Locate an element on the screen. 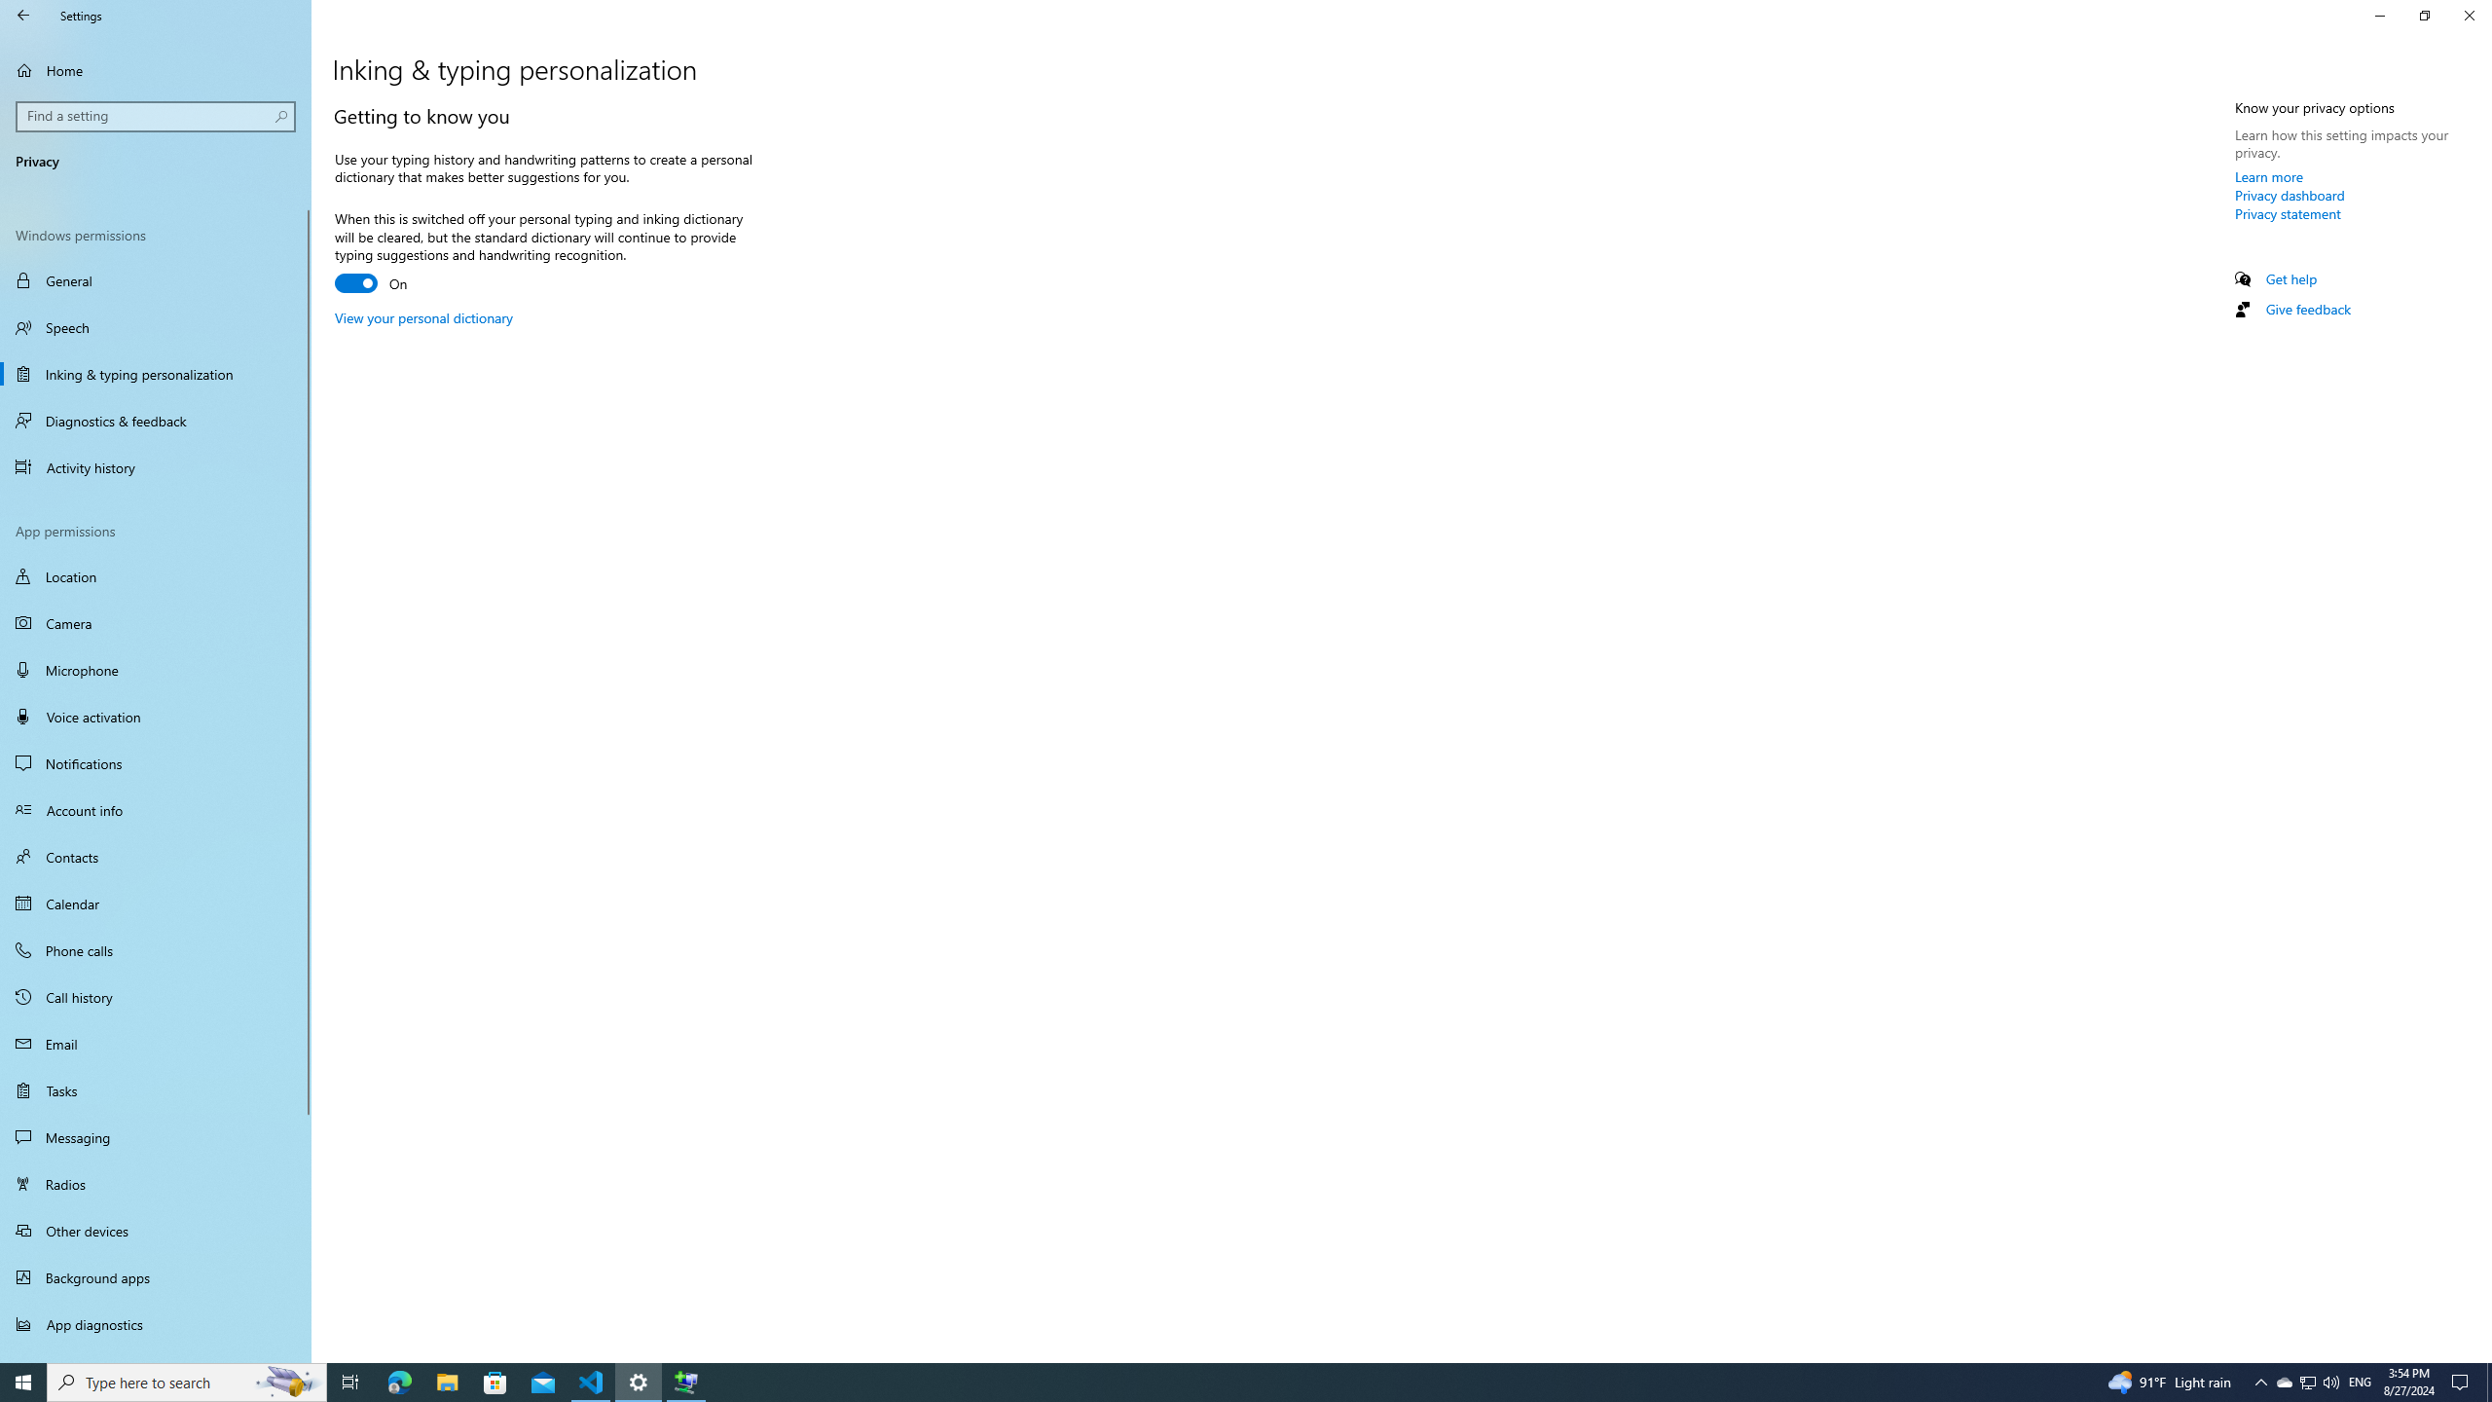  'Give feedback' is located at coordinates (2306, 309).